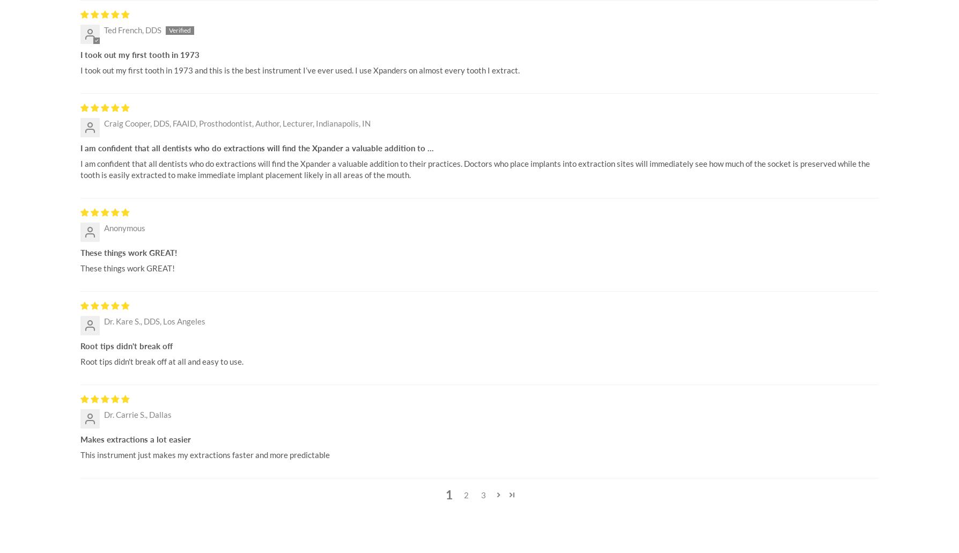 This screenshot has width=959, height=553. Describe the element at coordinates (465, 495) in the screenshot. I see `'2'` at that location.